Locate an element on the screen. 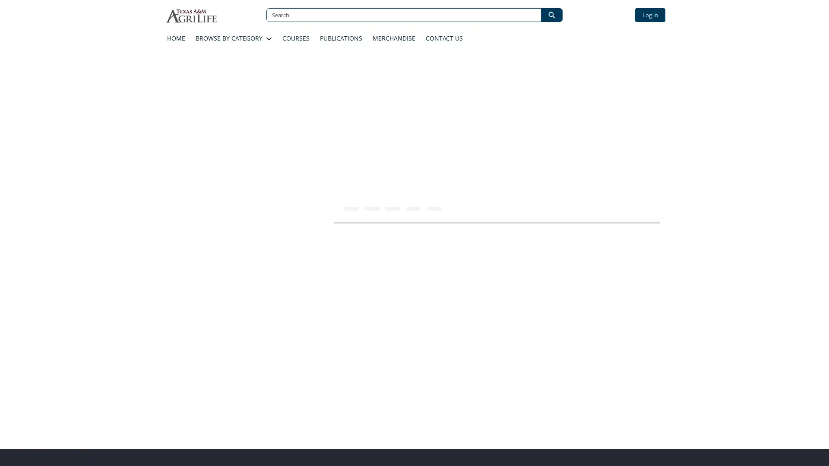 This screenshot has height=466, width=829. Increase number of items is located at coordinates (404, 198).